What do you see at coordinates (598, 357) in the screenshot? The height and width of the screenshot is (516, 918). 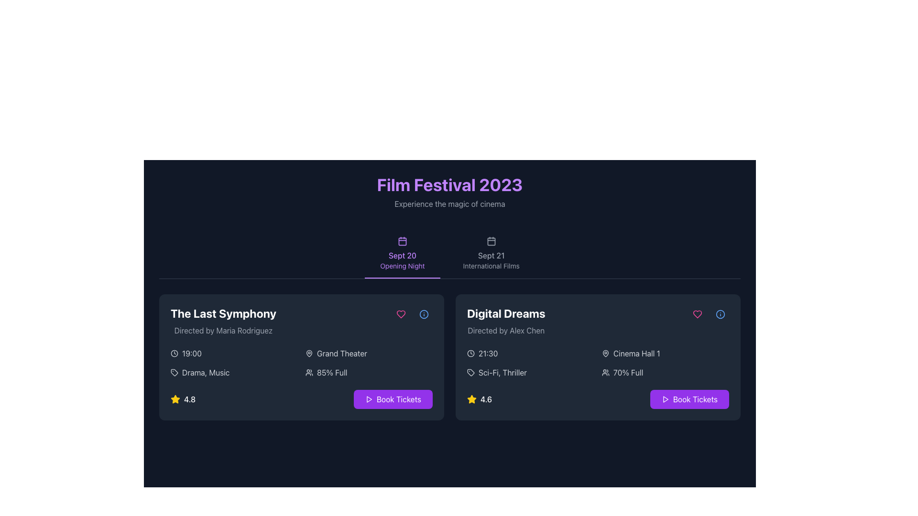 I see `details of the movie presented in the card labeled 'Digital Dreams', which includes the title, subtitle, showtime, cinema hall, genre, occupancy, and rating` at bounding box center [598, 357].